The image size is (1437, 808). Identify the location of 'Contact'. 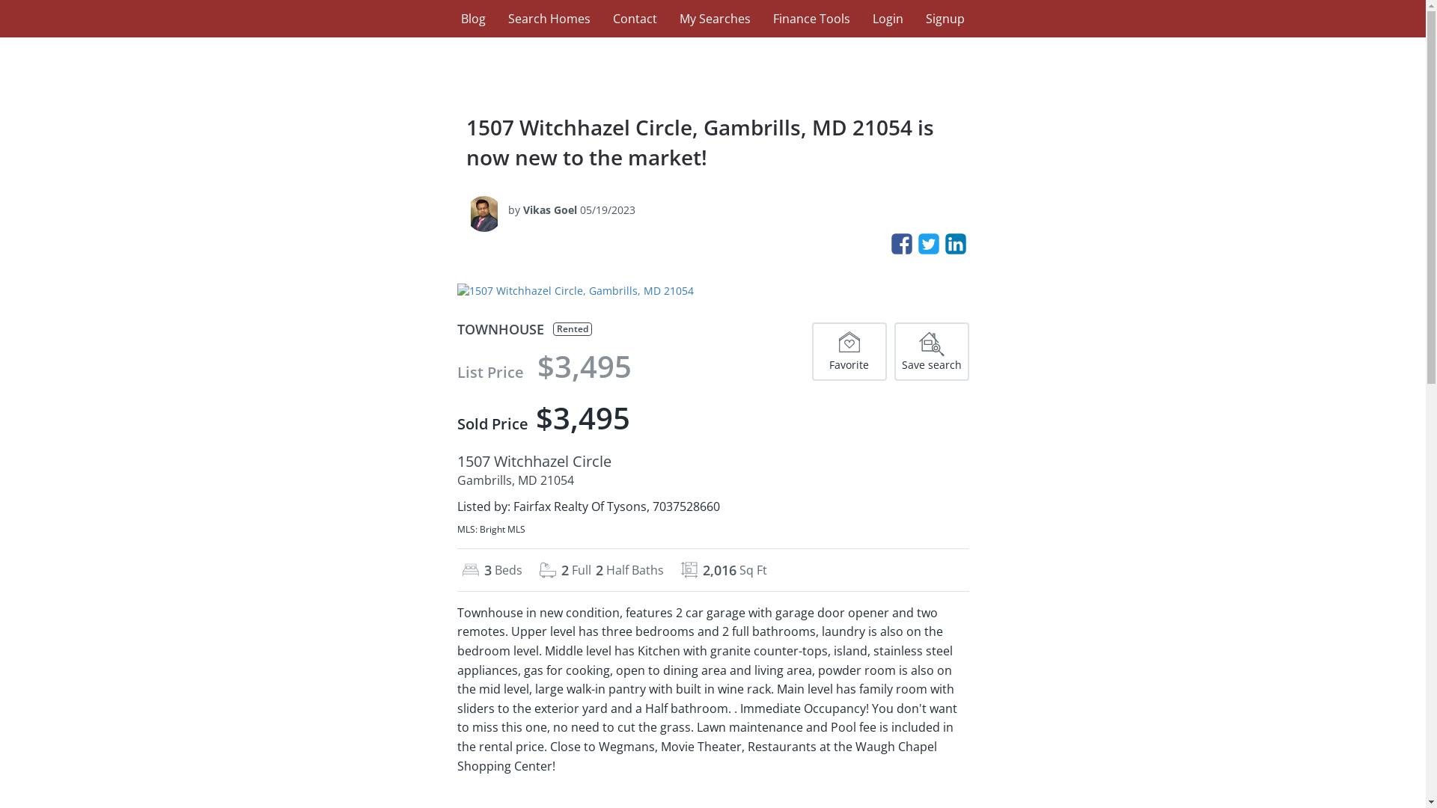
(635, 18).